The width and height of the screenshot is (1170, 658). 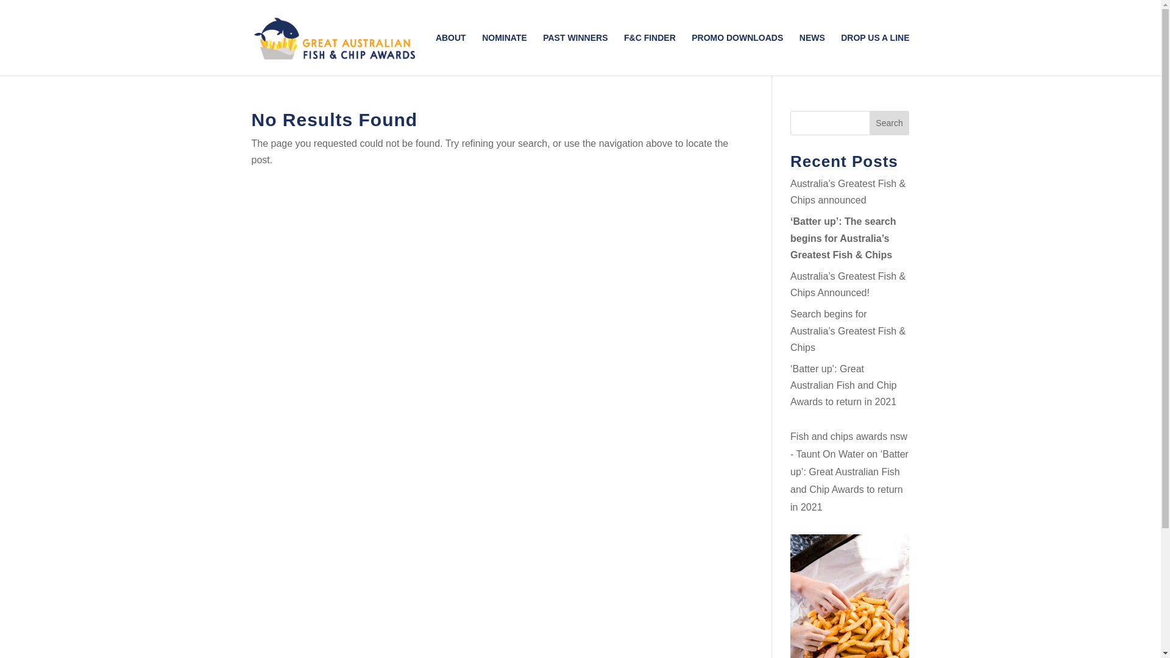 What do you see at coordinates (848, 445) in the screenshot?
I see `'Fish and chips awards nsw - Taunt On Water'` at bounding box center [848, 445].